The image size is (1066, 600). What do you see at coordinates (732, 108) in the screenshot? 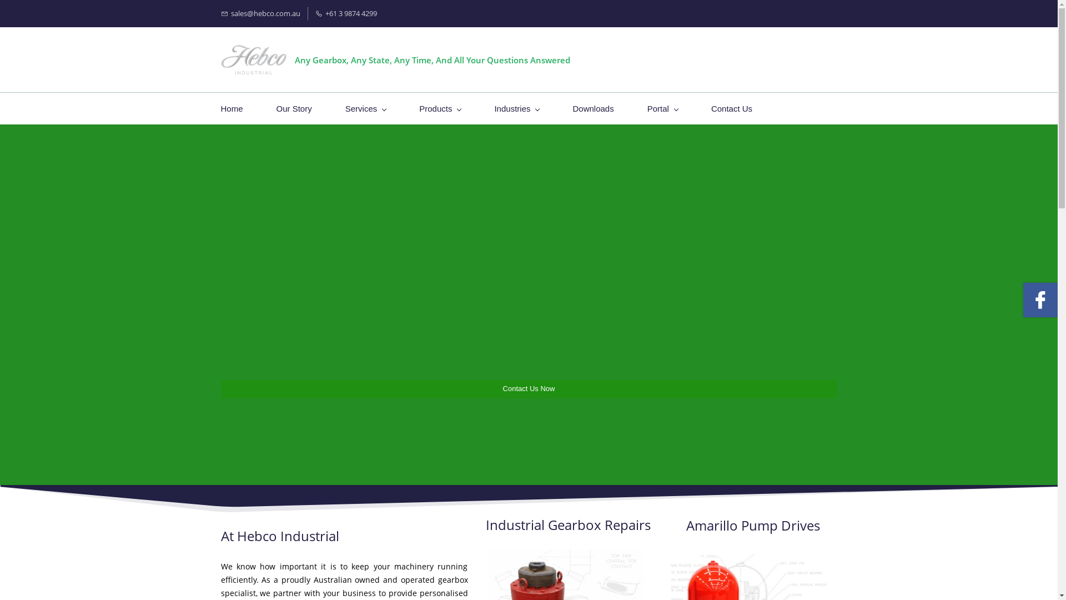
I see `'Contact Us'` at bounding box center [732, 108].